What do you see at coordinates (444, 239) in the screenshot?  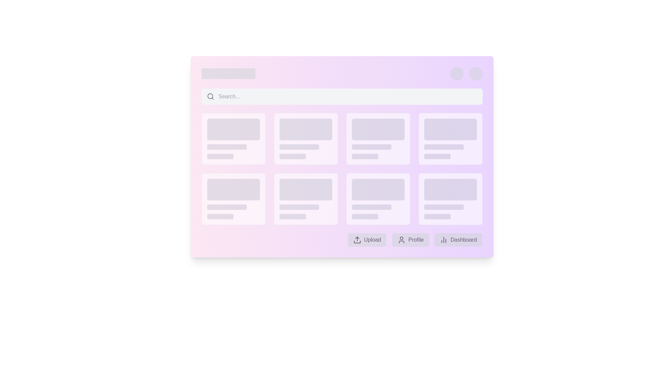 I see `the 'Dashboard' button, which features a minimalist bar chart icon with three vertical bars` at bounding box center [444, 239].